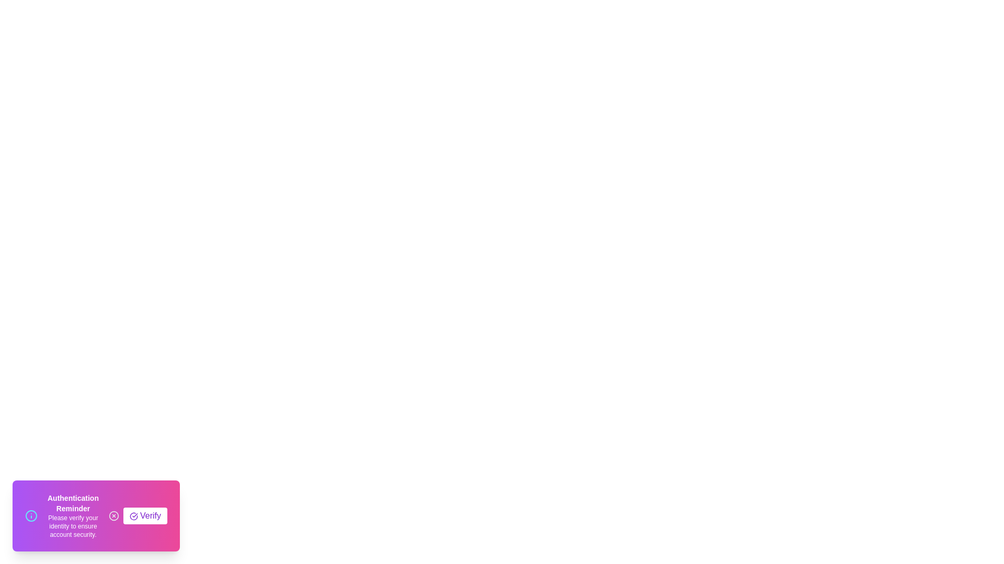 This screenshot has width=1004, height=564. What do you see at coordinates (113, 515) in the screenshot?
I see `the close button to dismiss the snackbar` at bounding box center [113, 515].